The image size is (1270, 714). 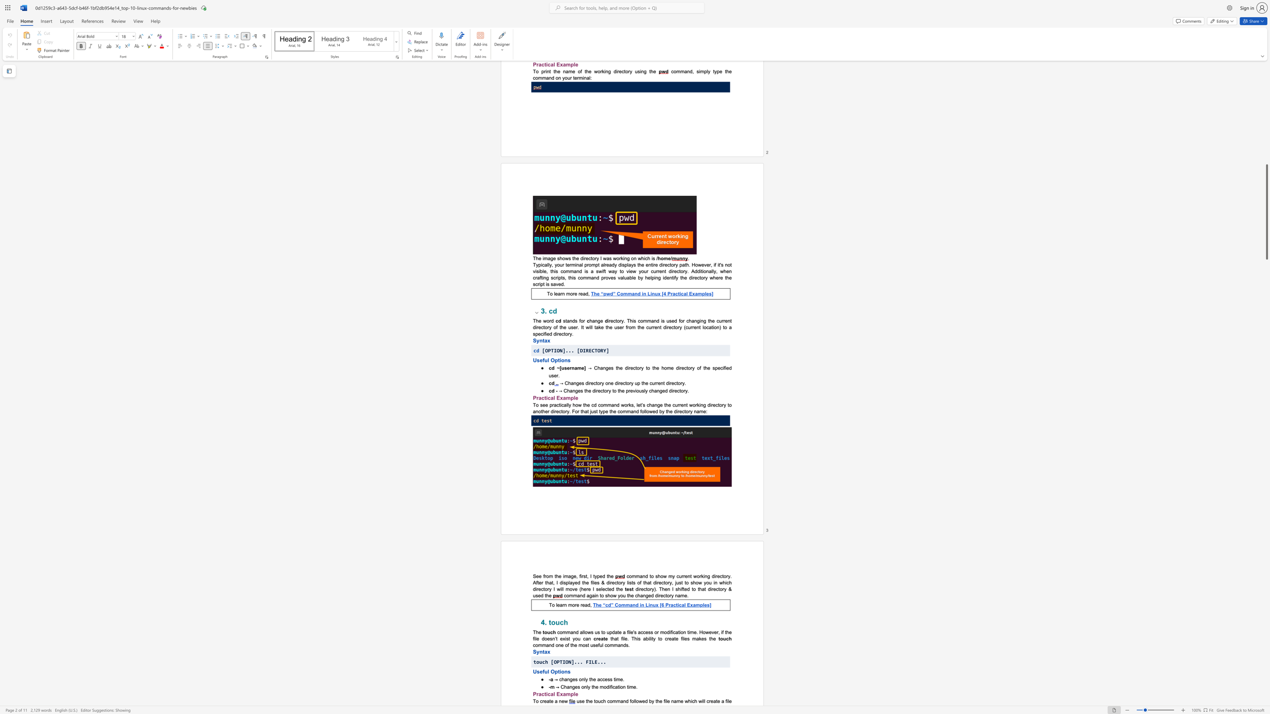 What do you see at coordinates (547, 595) in the screenshot?
I see `the 4th character "h" in the text` at bounding box center [547, 595].